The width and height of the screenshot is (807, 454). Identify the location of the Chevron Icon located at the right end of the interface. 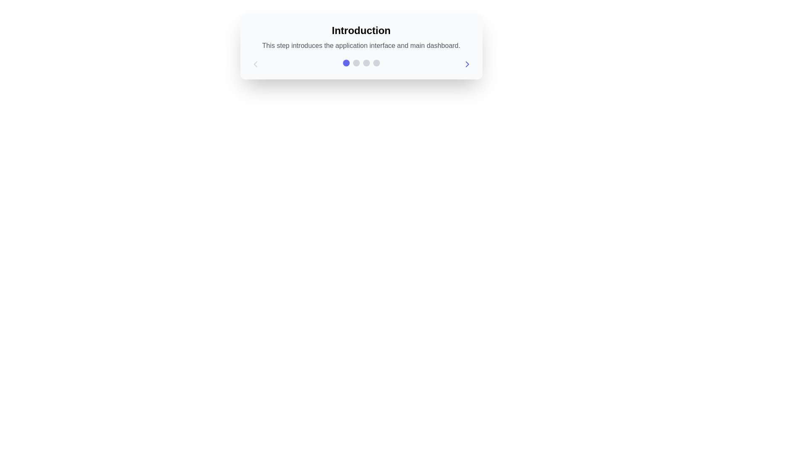
(467, 64).